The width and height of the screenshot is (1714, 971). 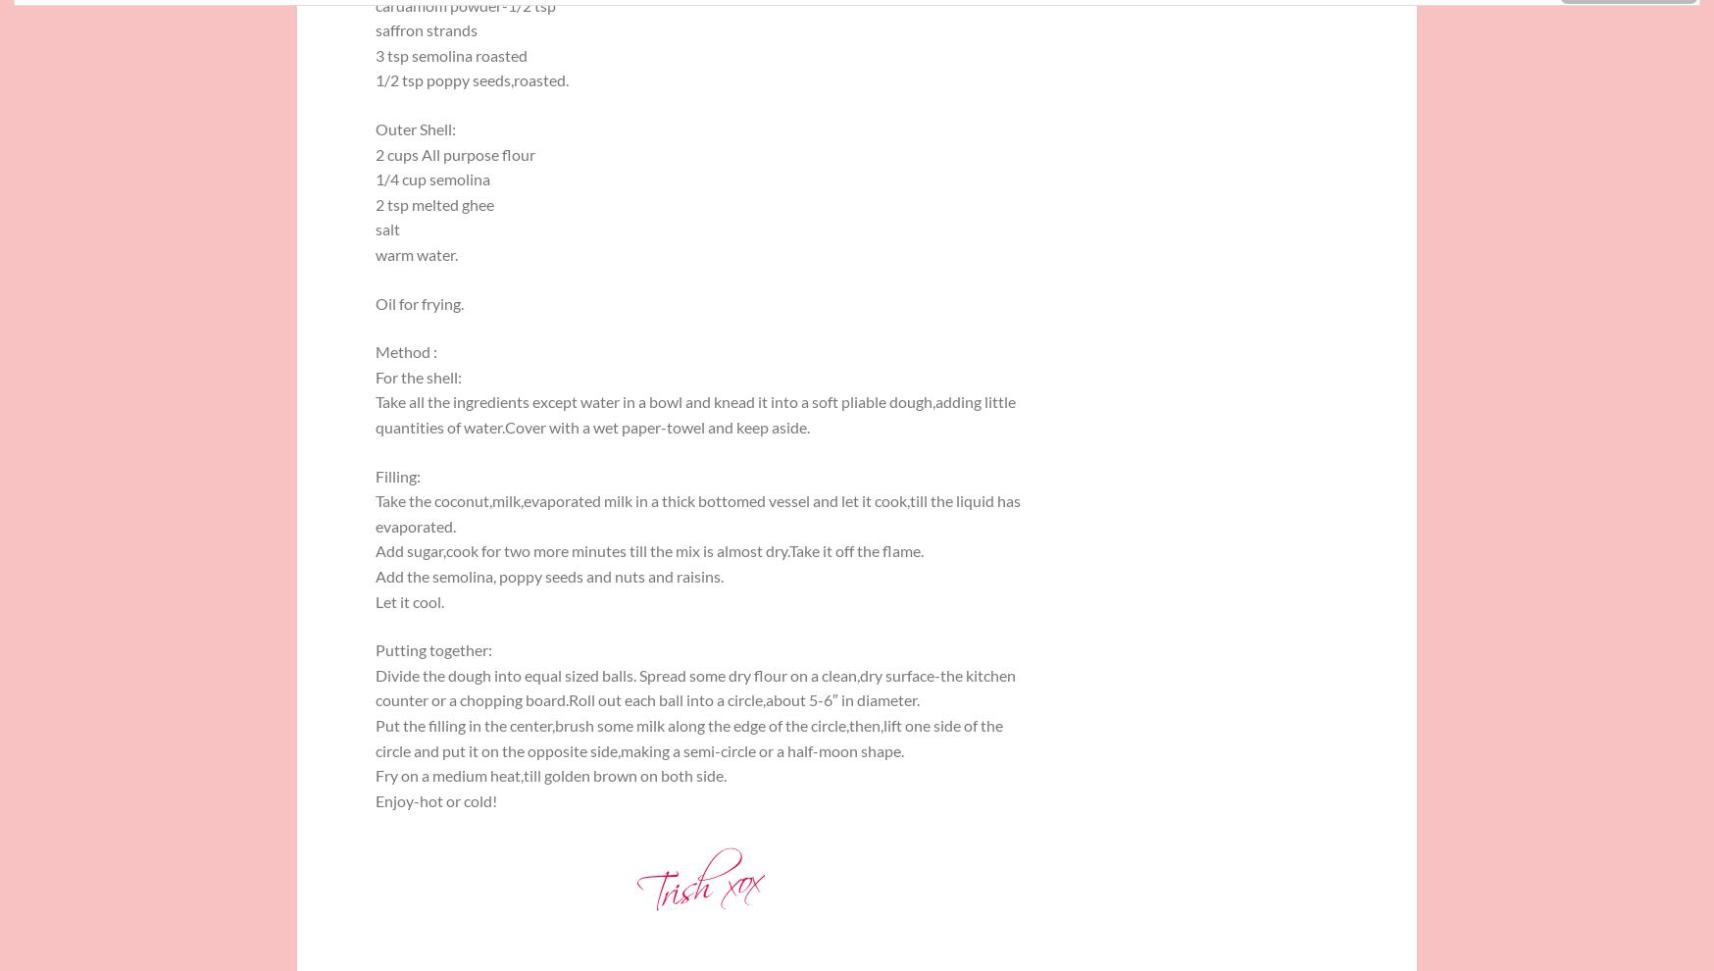 What do you see at coordinates (375, 475) in the screenshot?
I see `'Filling:'` at bounding box center [375, 475].